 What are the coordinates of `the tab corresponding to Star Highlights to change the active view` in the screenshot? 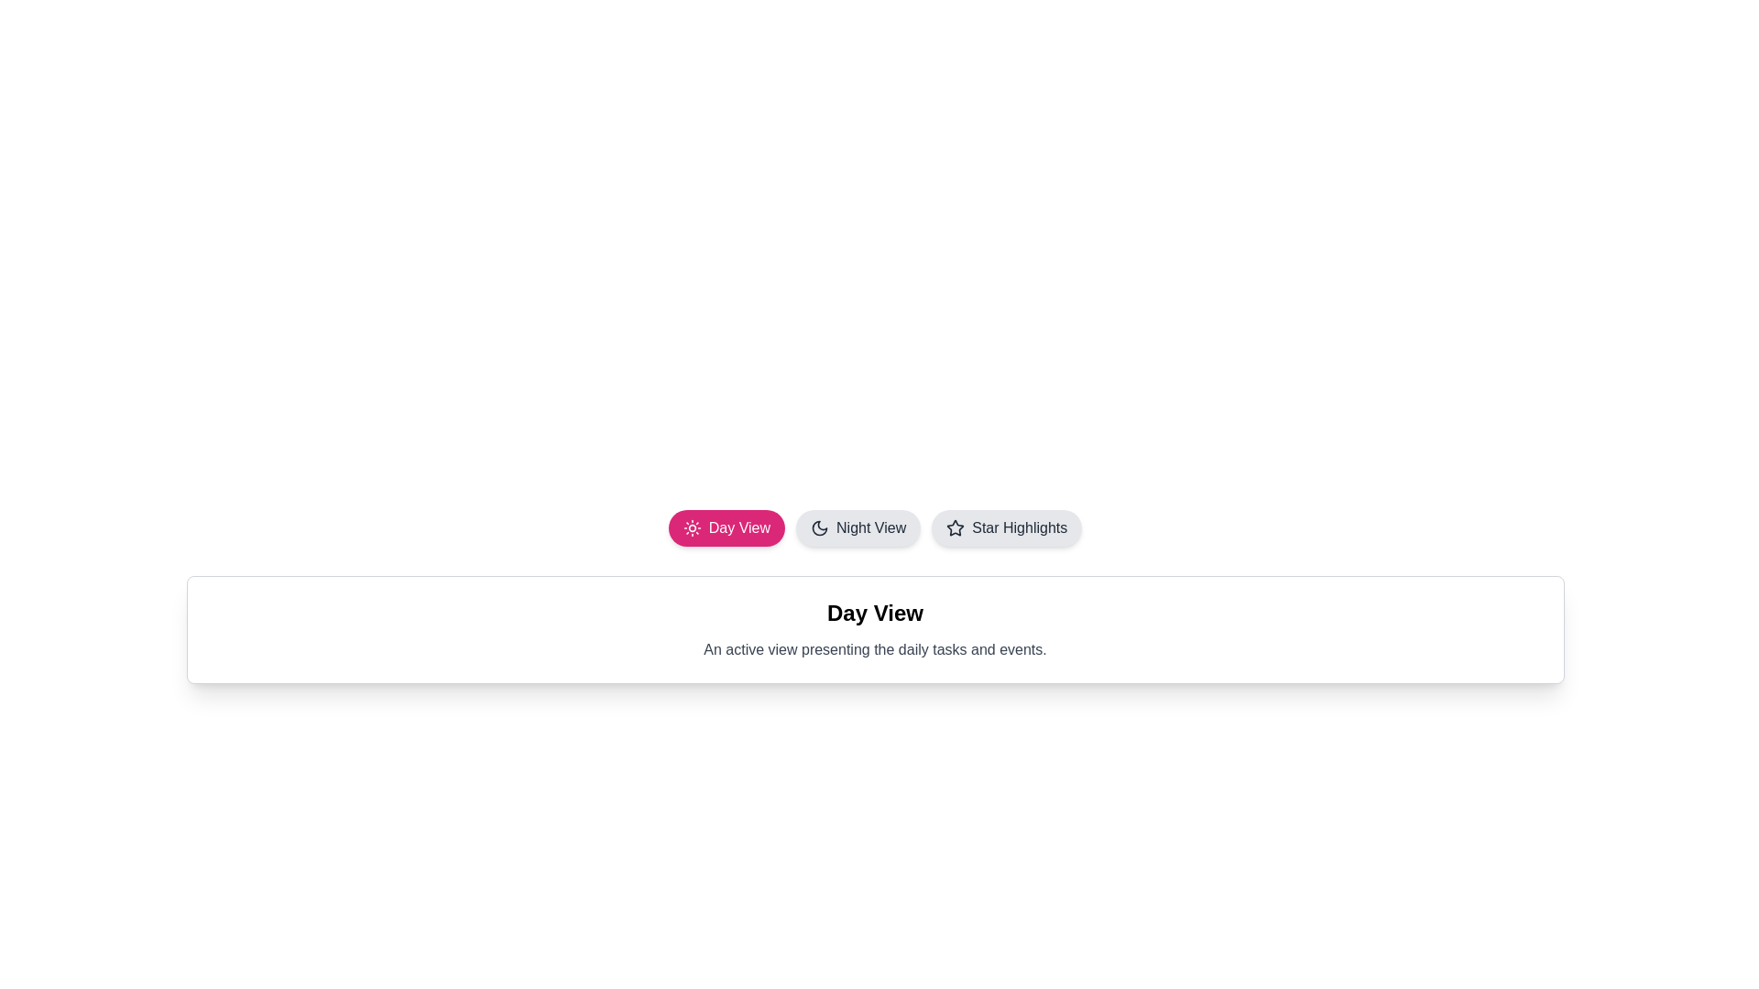 It's located at (1006, 528).